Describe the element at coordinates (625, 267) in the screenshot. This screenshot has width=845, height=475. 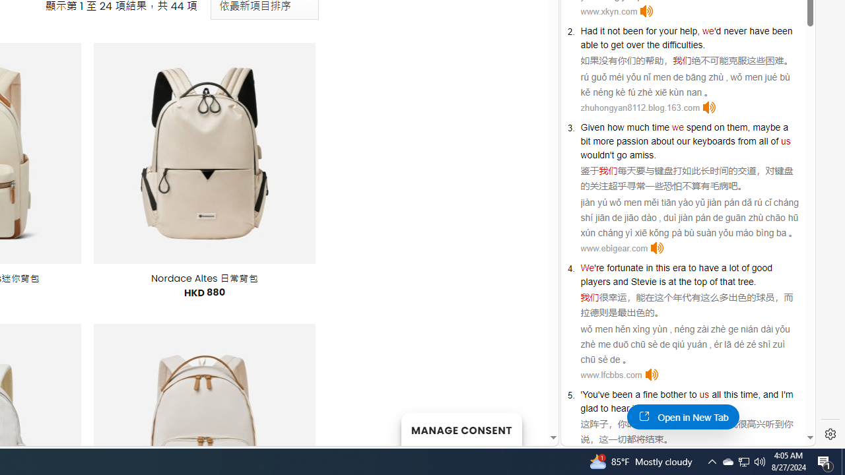
I see `'fortunate'` at that location.